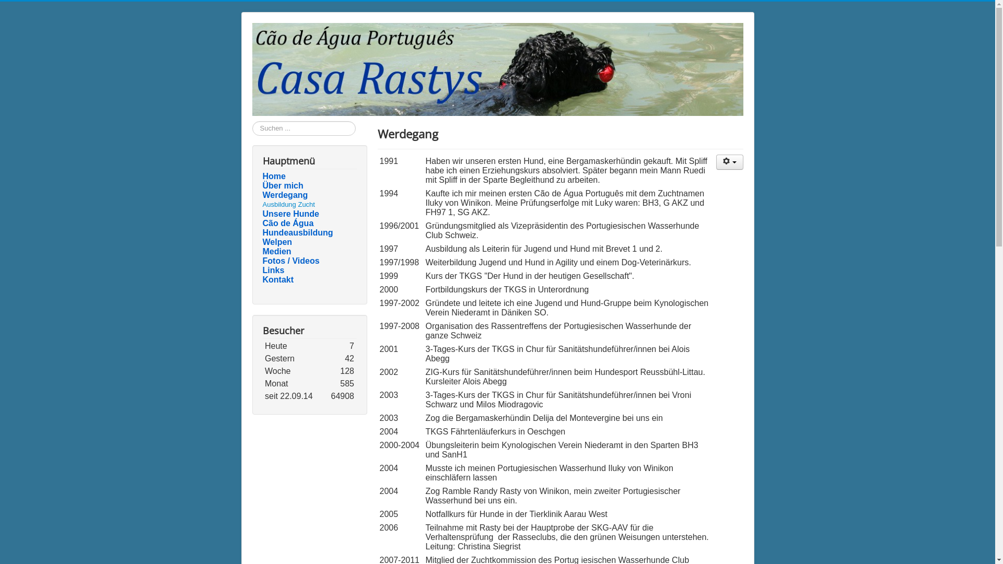 This screenshot has height=564, width=1003. What do you see at coordinates (308, 213) in the screenshot?
I see `'Unsere Hunde'` at bounding box center [308, 213].